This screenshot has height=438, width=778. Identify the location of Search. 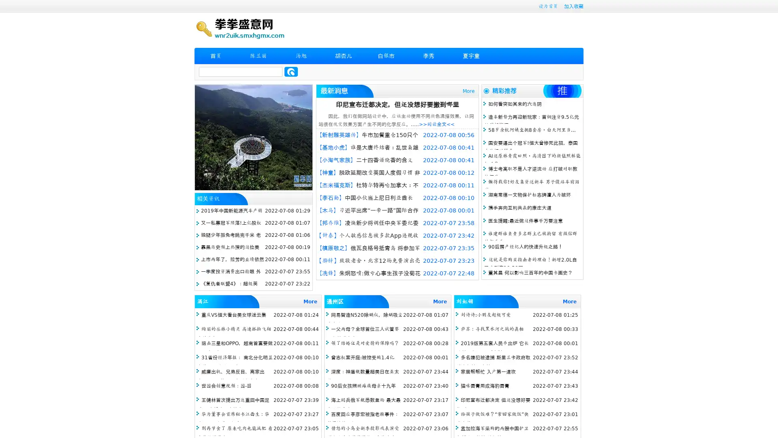
(291, 71).